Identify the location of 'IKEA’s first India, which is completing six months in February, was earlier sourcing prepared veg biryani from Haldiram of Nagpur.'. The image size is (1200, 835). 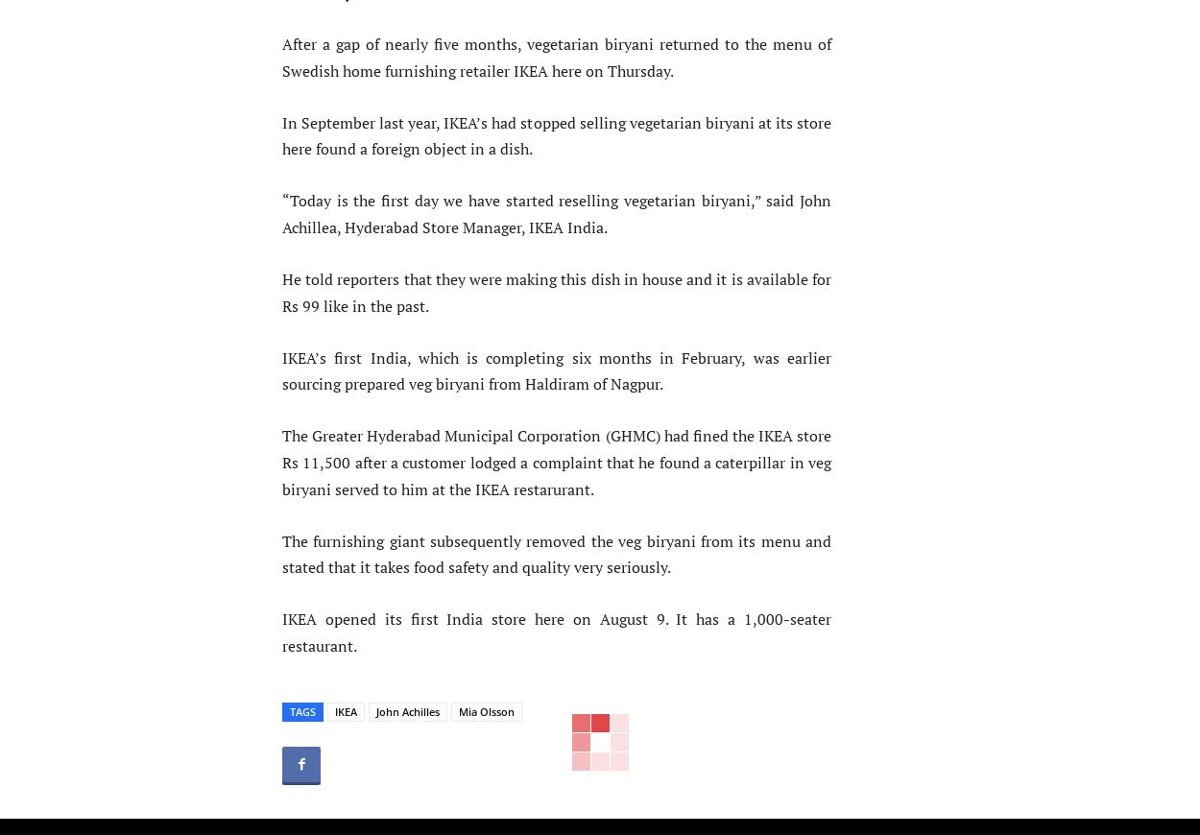
(556, 370).